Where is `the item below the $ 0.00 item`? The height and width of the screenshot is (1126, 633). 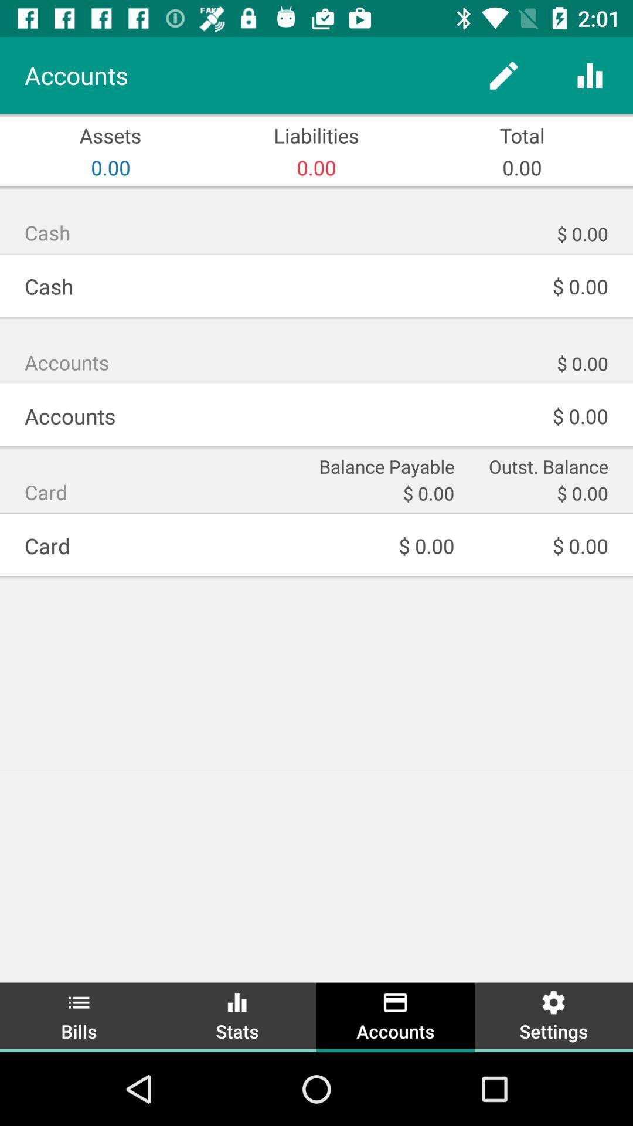 the item below the $ 0.00 item is located at coordinates (554, 1015).